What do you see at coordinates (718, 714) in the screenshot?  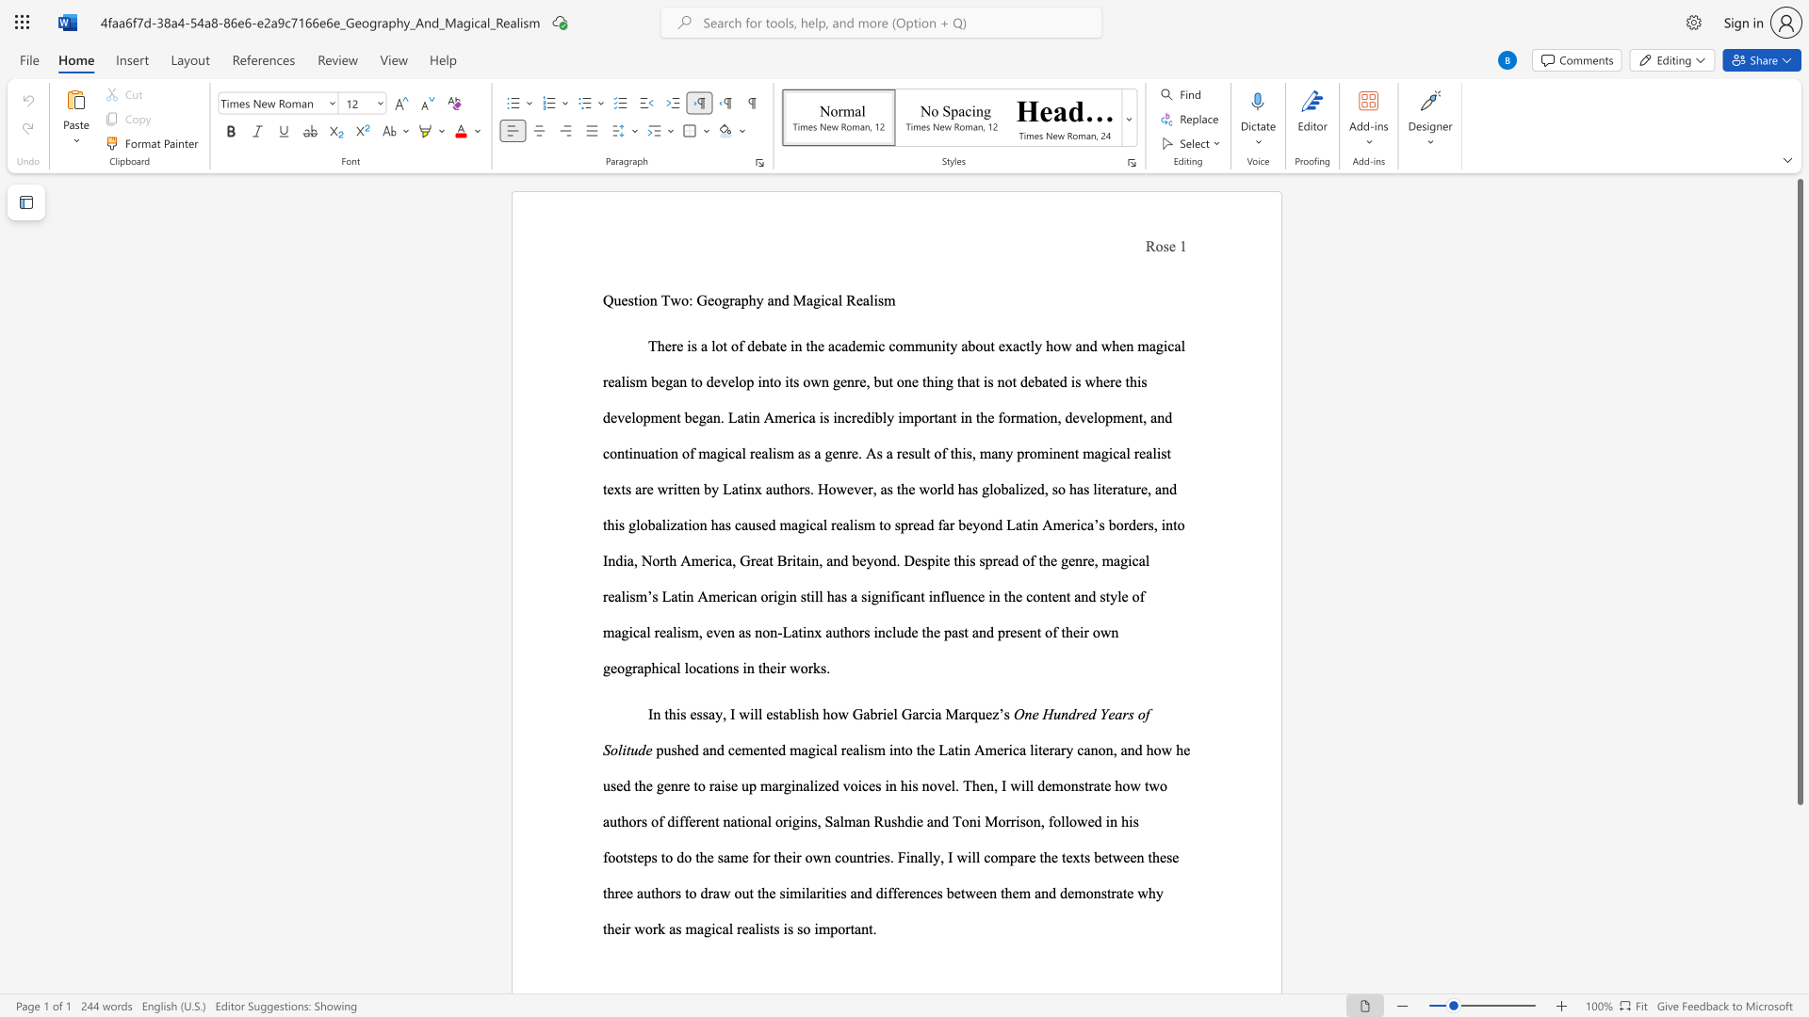 I see `the 1th character "y" in the text` at bounding box center [718, 714].